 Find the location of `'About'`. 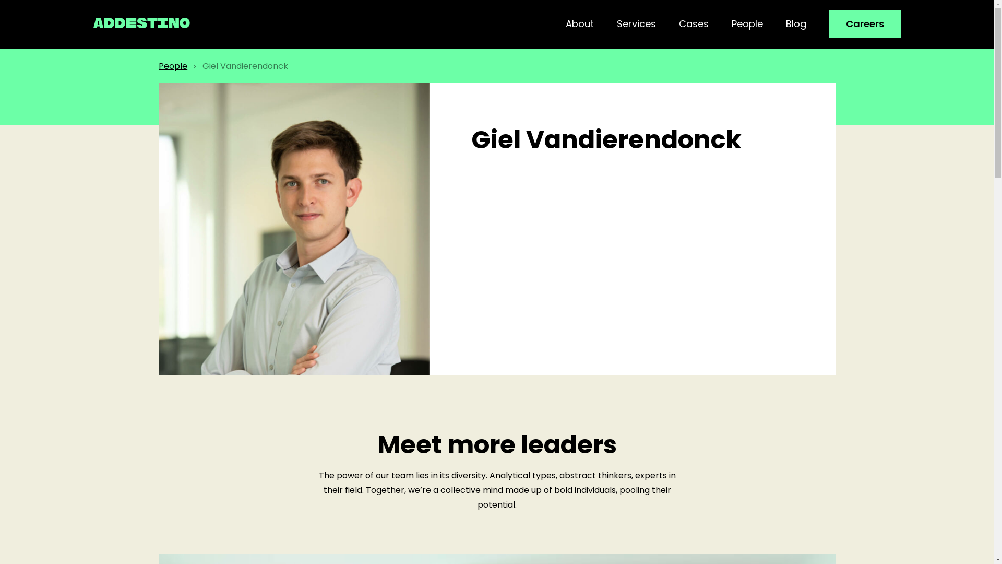

'About' is located at coordinates (565, 23).